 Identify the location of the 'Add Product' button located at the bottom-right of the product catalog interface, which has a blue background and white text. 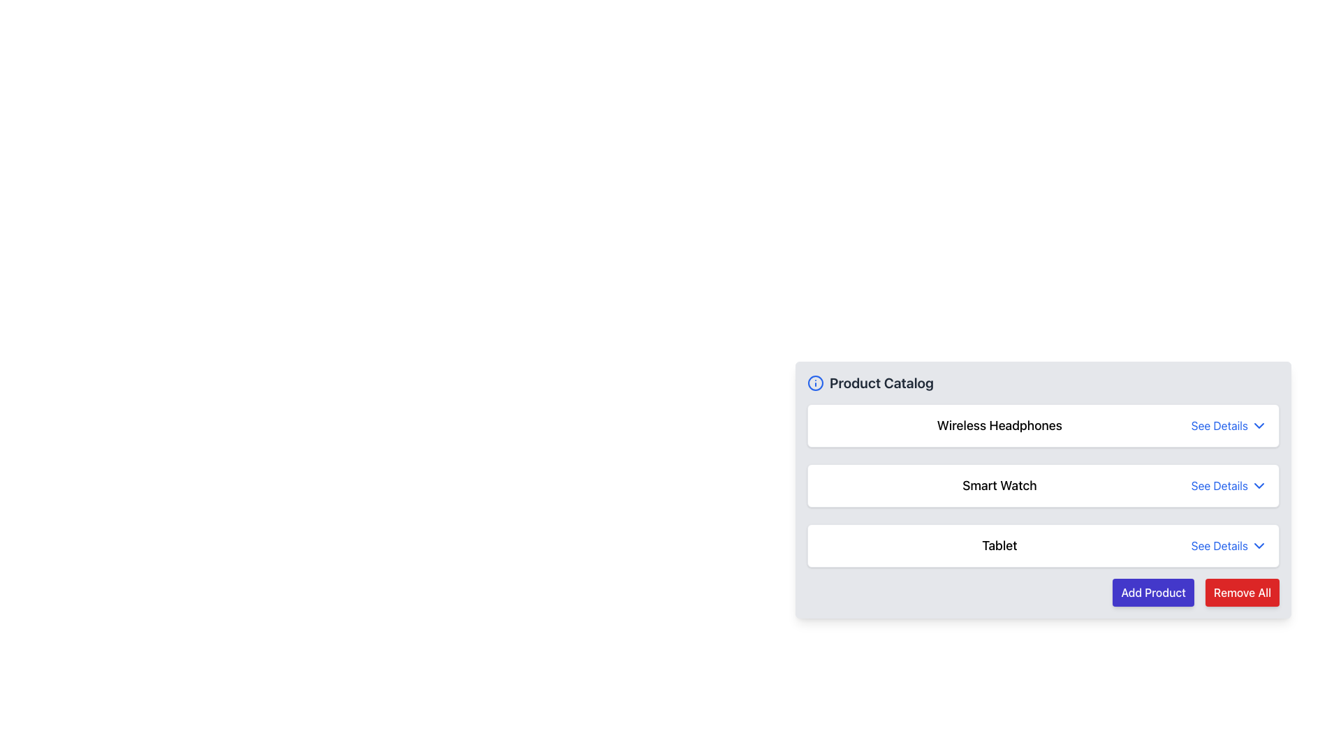
(1153, 592).